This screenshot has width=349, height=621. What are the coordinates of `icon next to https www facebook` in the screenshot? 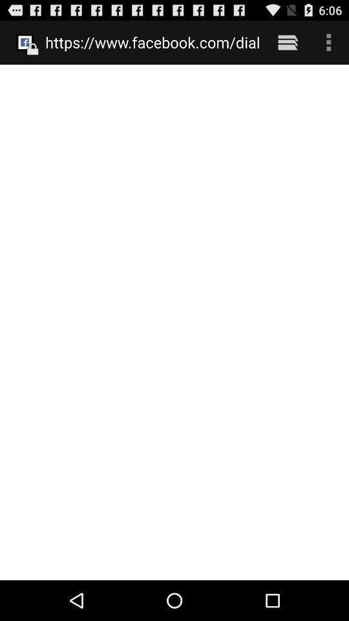 It's located at (288, 42).